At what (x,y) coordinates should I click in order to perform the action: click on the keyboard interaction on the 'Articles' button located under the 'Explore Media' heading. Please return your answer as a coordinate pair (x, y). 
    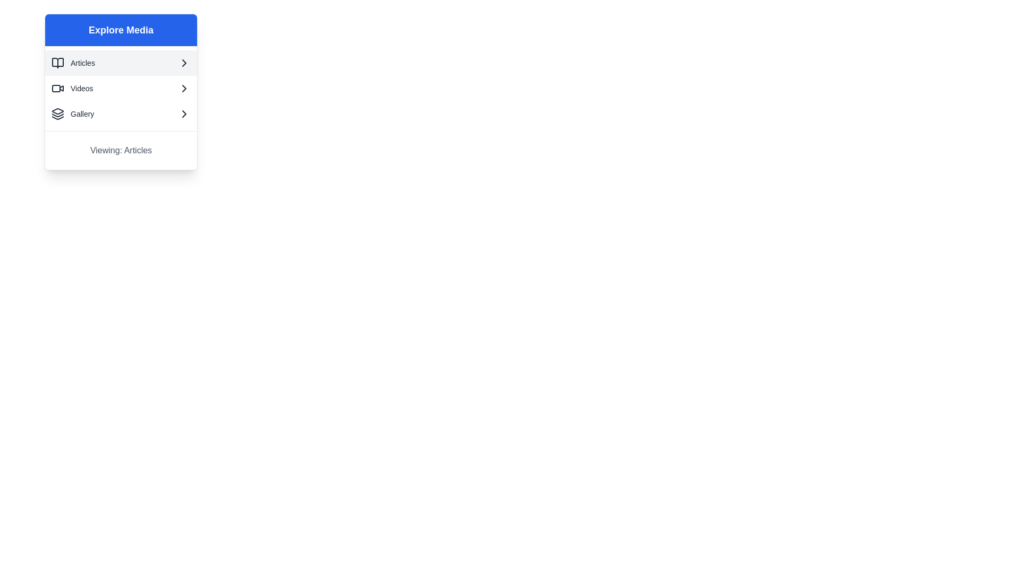
    Looking at the image, I should click on (121, 63).